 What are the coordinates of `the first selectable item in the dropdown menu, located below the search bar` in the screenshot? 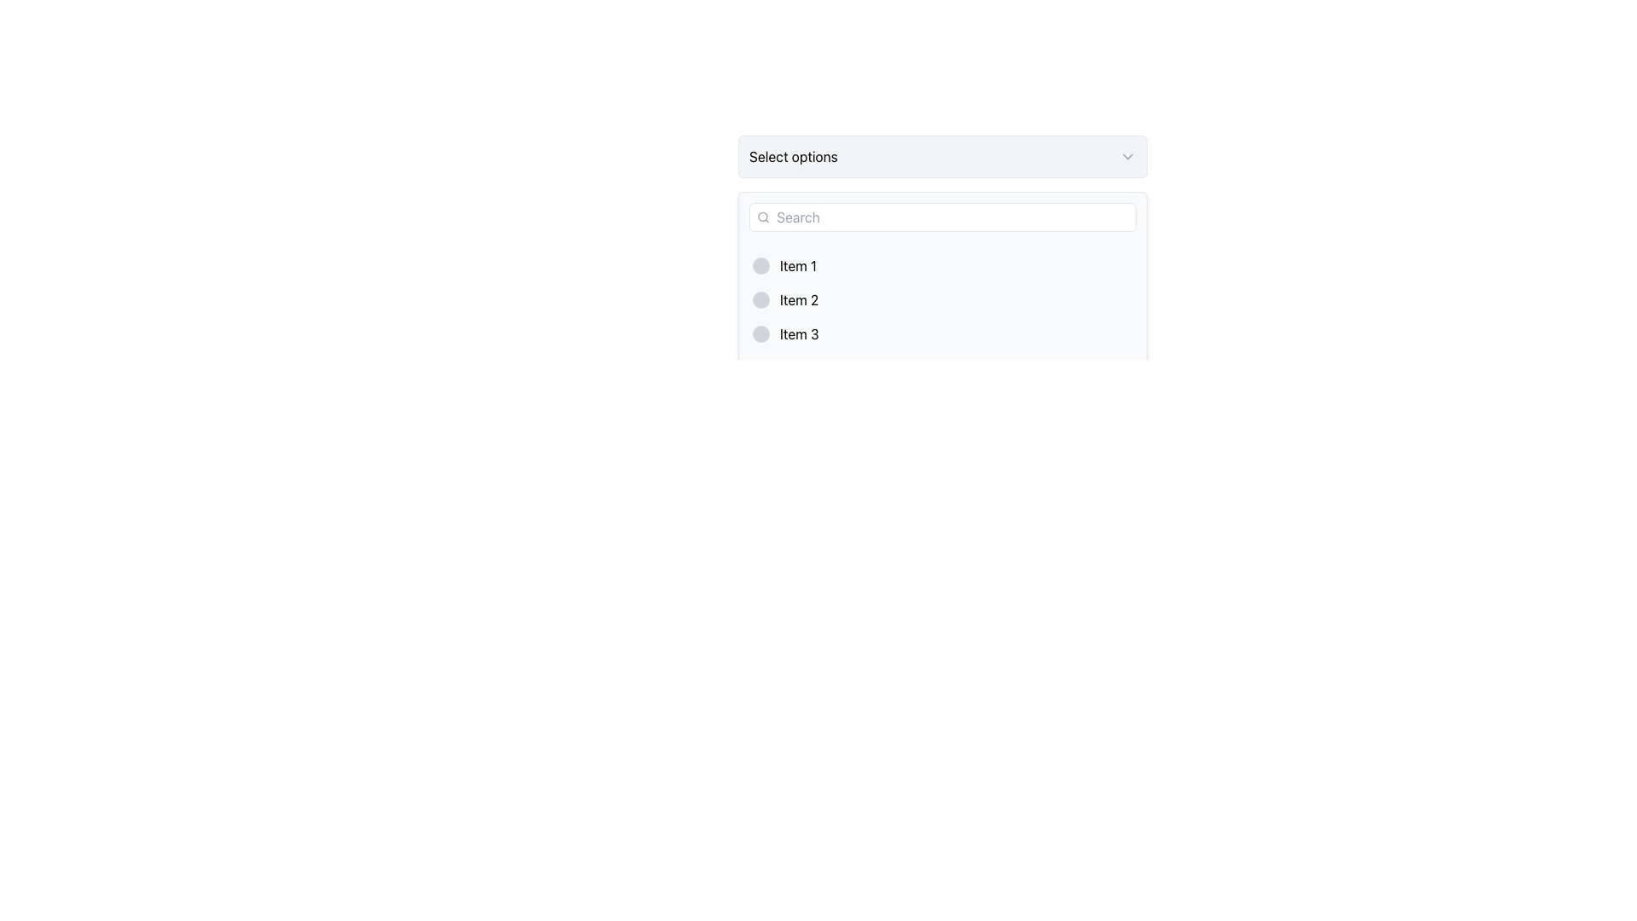 It's located at (941, 266).